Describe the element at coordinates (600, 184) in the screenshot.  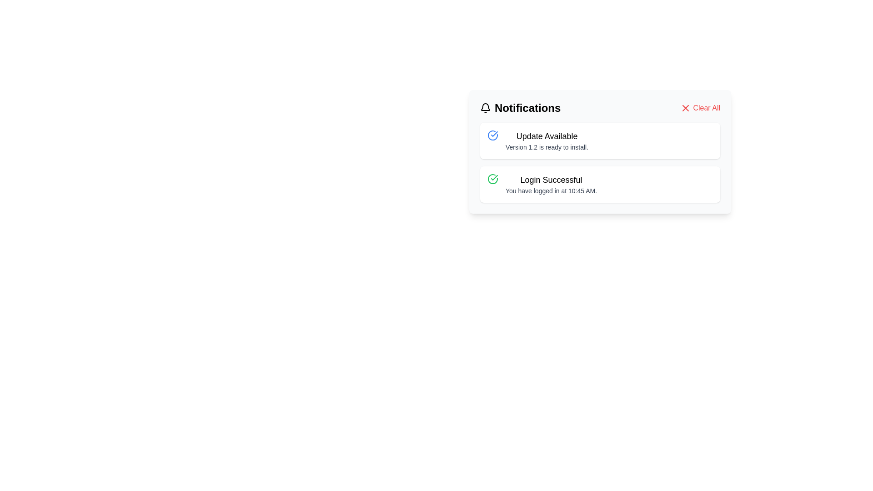
I see `the second notification box in the notification center that displays a 'Login Successful' title and a message about logging in at 10:45 AM` at that location.